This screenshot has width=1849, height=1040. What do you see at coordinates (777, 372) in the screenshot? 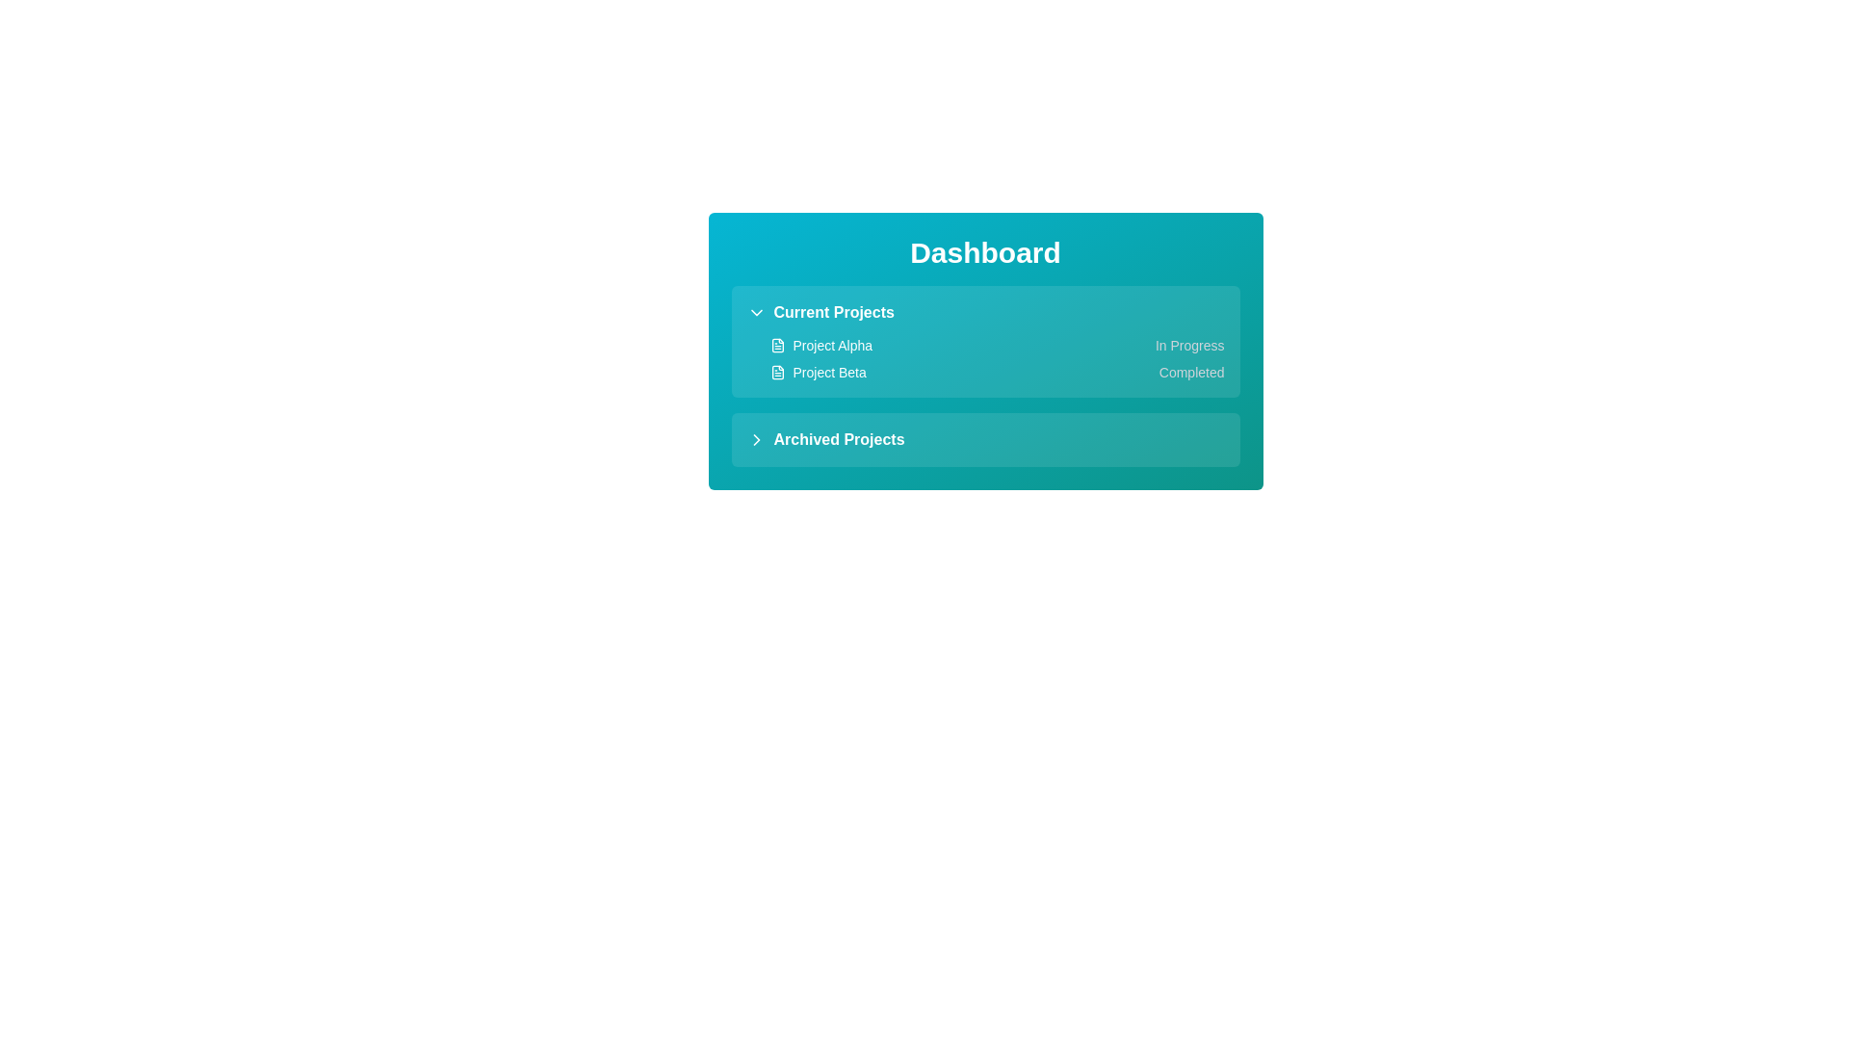
I see `the document icon representing 'Project Beta' located in the 'Current Projects' section of the dashboard, positioned to the left of the text 'Project Beta'` at bounding box center [777, 372].